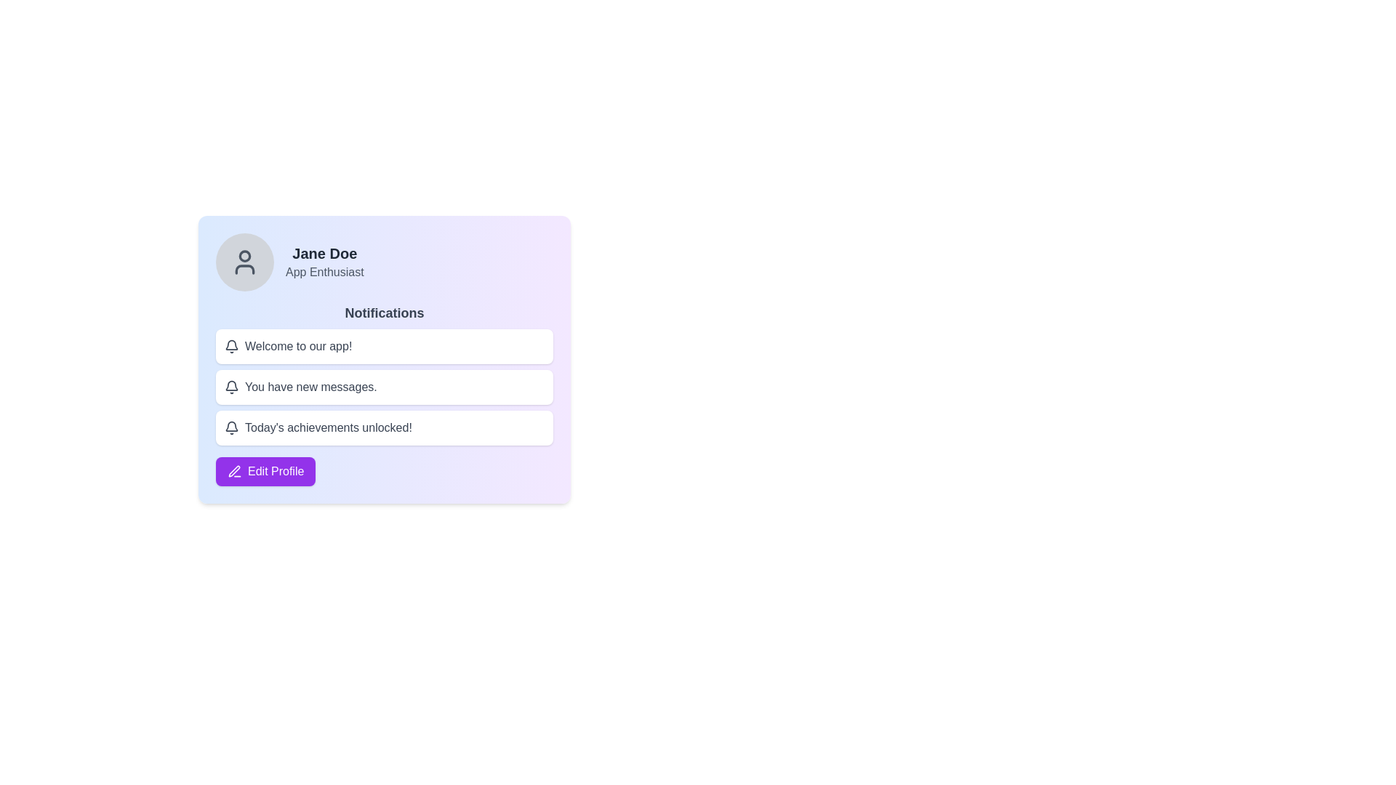  Describe the element at coordinates (244, 262) in the screenshot. I see `the Profile Icon, which is a circular area with a gray background and a user profile silhouette, located to the far left of the text 'Jane Doe' and 'App Enthusiast'` at that location.